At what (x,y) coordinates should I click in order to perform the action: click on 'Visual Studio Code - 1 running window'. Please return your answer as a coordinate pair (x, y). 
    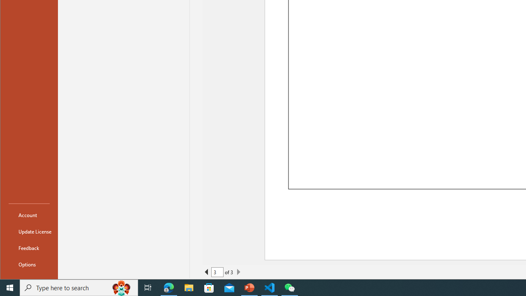
    Looking at the image, I should click on (270, 287).